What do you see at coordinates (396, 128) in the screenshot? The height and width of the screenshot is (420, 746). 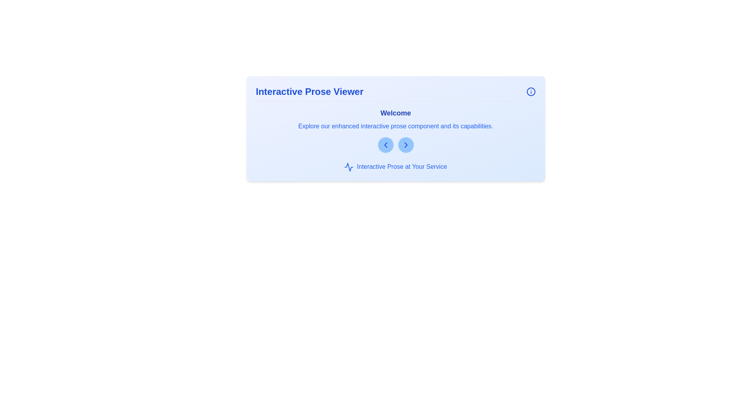 I see `informational text displayed within the Informational Widget titled 'Interactive Prose Viewer', which includes the sub-header 'Welcome' and additional descriptive text` at bounding box center [396, 128].